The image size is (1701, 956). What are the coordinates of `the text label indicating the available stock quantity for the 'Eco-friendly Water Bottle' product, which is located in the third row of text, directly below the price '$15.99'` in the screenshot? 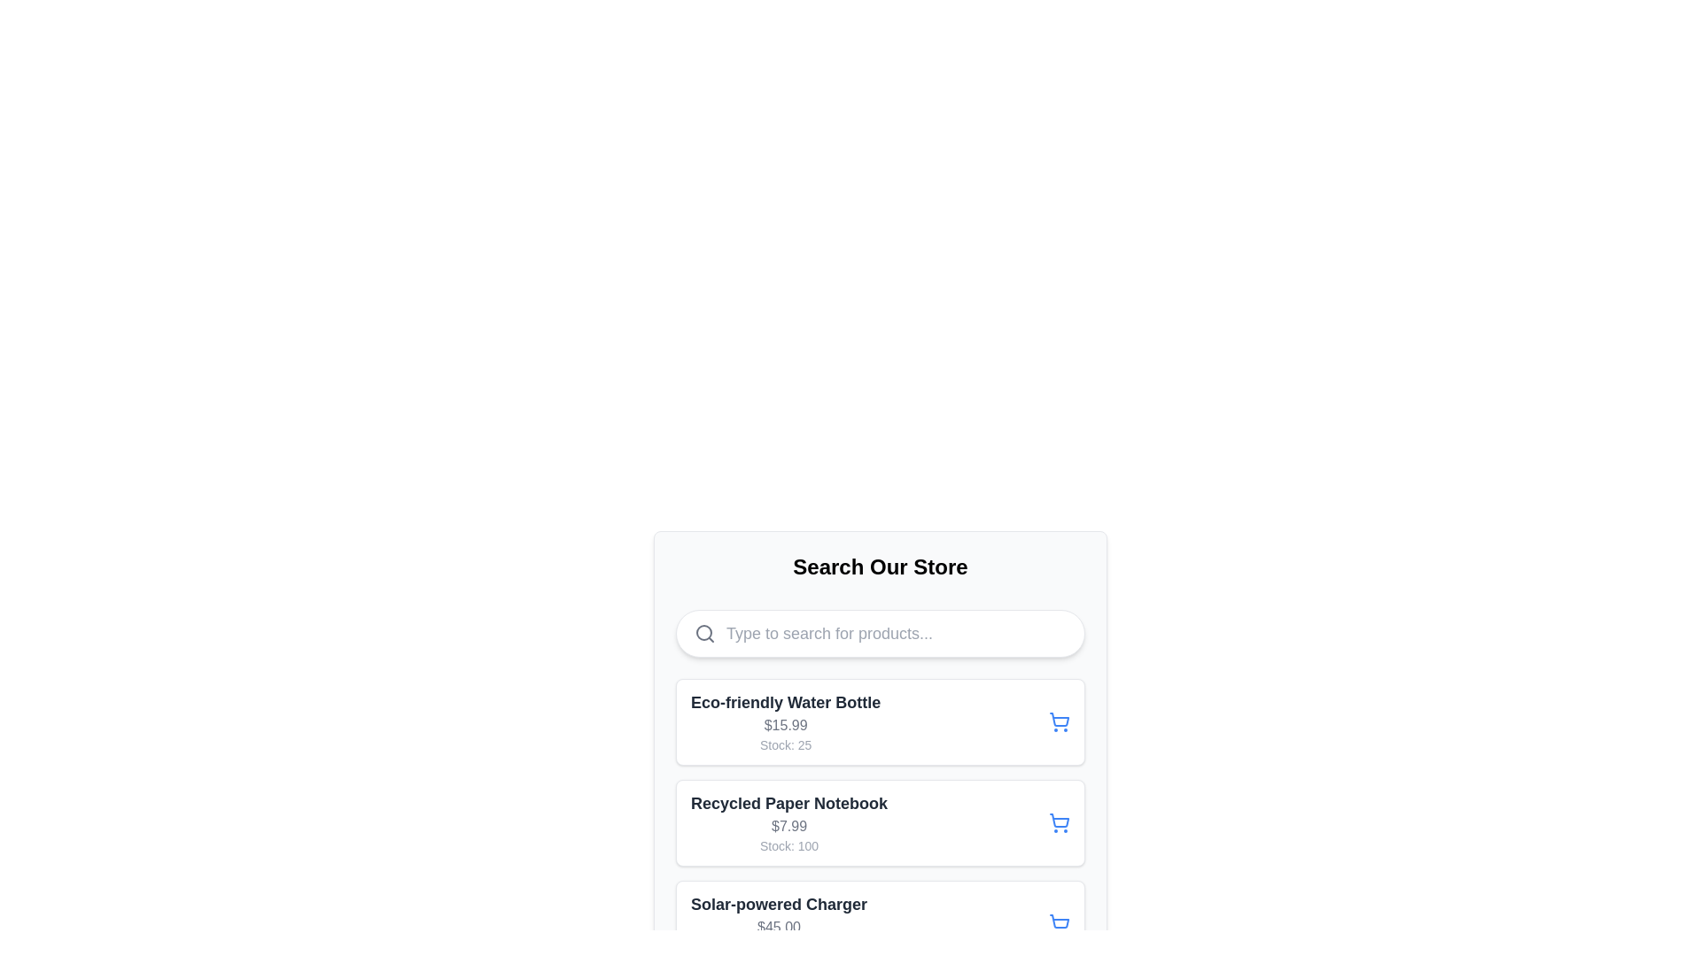 It's located at (785, 744).